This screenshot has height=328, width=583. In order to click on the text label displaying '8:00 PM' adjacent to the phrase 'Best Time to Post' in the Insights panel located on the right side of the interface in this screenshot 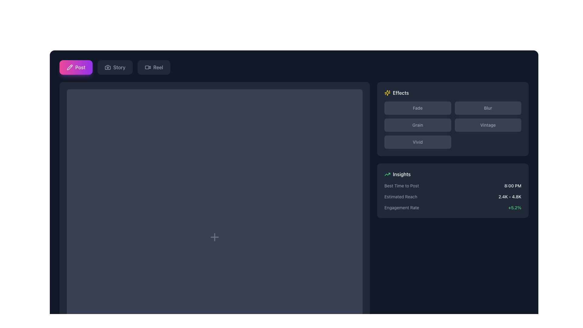, I will do `click(513, 186)`.